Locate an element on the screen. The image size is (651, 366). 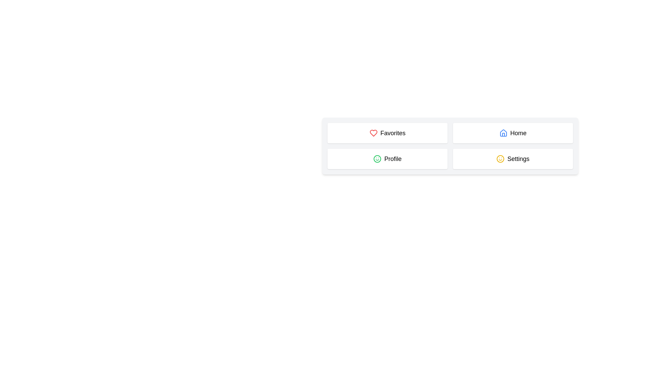
text label indicating the 'Favorites' section, which is positioned in the top-left quadrant of the interface is located at coordinates (393, 133).